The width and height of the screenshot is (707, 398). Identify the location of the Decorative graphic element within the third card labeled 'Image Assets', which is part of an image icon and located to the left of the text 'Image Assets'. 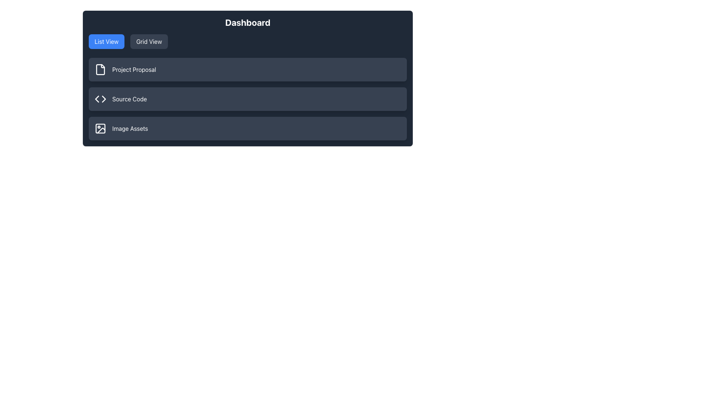
(101, 130).